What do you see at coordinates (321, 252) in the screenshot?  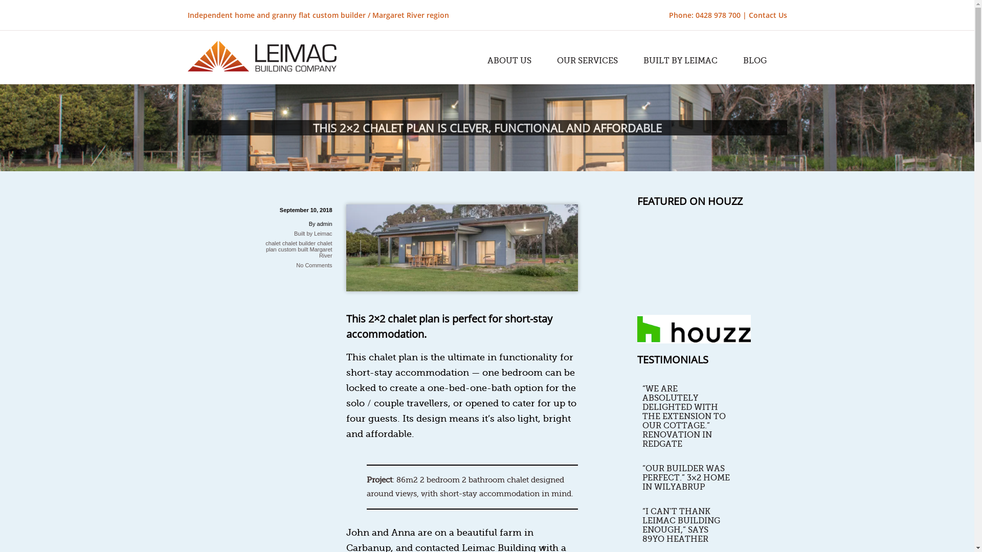 I see `'Margaret River'` at bounding box center [321, 252].